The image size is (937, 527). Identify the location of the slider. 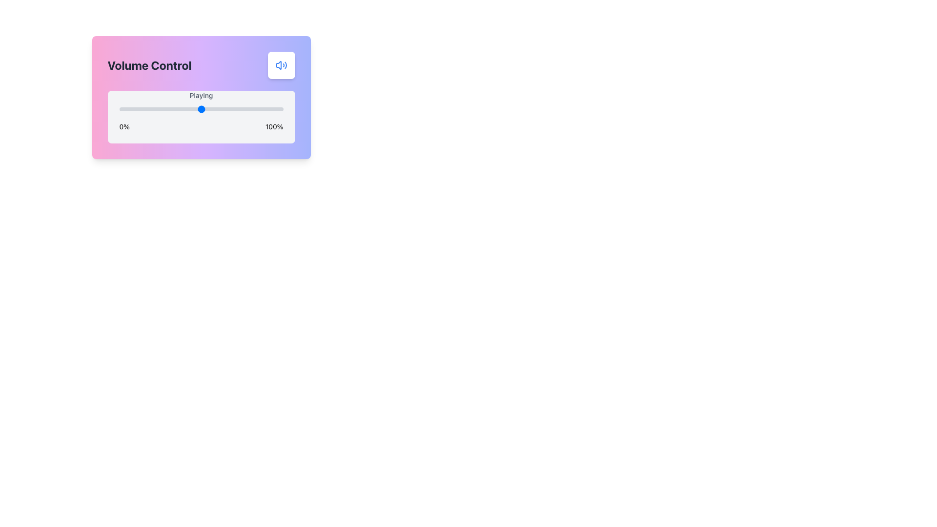
(177, 109).